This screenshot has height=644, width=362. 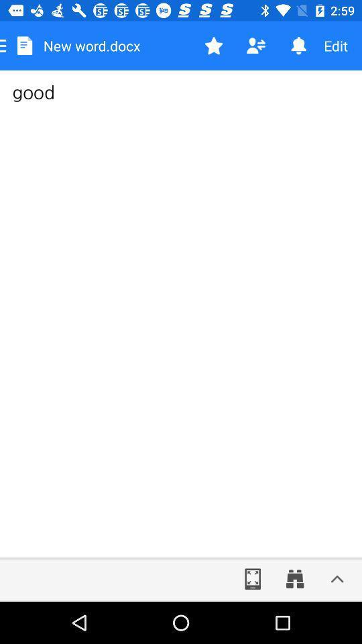 I want to click on expand to full screen, so click(x=253, y=578).